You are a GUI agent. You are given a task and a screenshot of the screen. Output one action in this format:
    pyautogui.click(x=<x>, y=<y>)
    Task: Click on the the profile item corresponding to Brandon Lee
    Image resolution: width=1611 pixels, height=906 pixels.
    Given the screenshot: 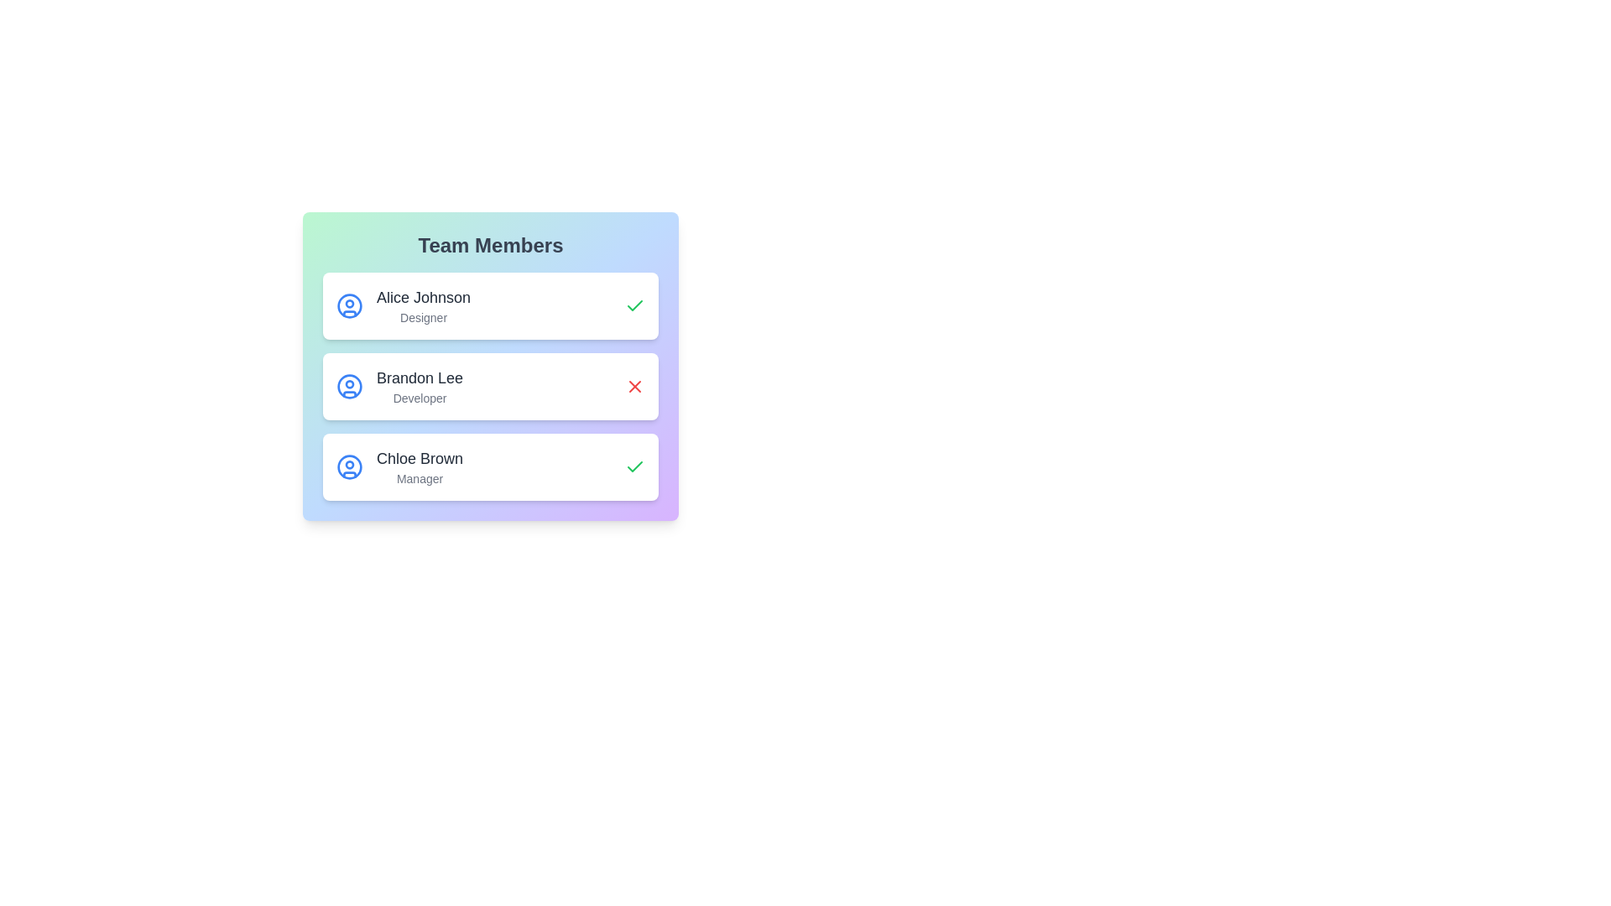 What is the action you would take?
    pyautogui.click(x=490, y=387)
    